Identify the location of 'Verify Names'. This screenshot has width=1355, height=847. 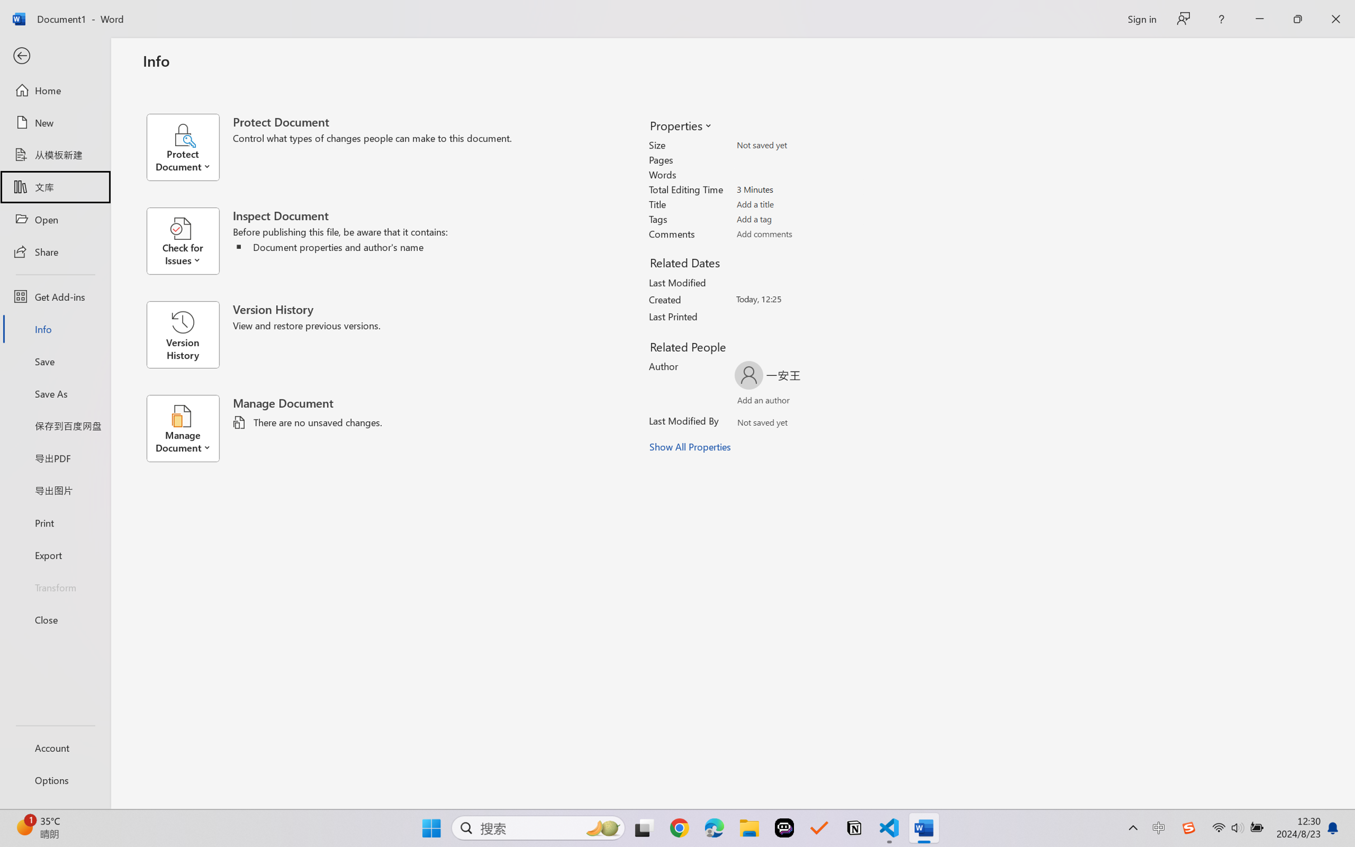
(782, 424).